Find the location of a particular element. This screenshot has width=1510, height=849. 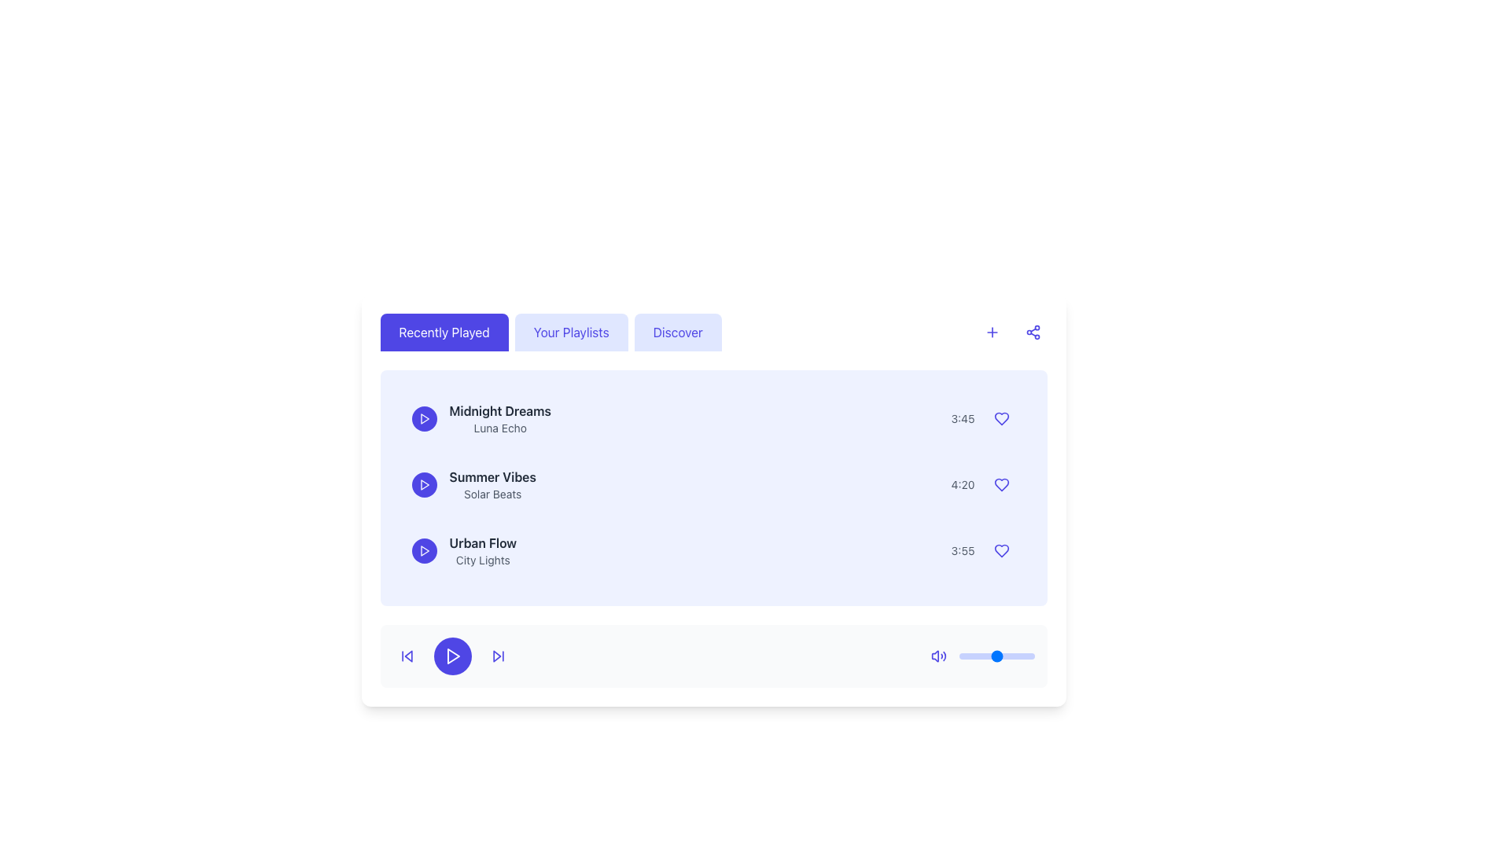

the button that allows users is located at coordinates (570, 332).